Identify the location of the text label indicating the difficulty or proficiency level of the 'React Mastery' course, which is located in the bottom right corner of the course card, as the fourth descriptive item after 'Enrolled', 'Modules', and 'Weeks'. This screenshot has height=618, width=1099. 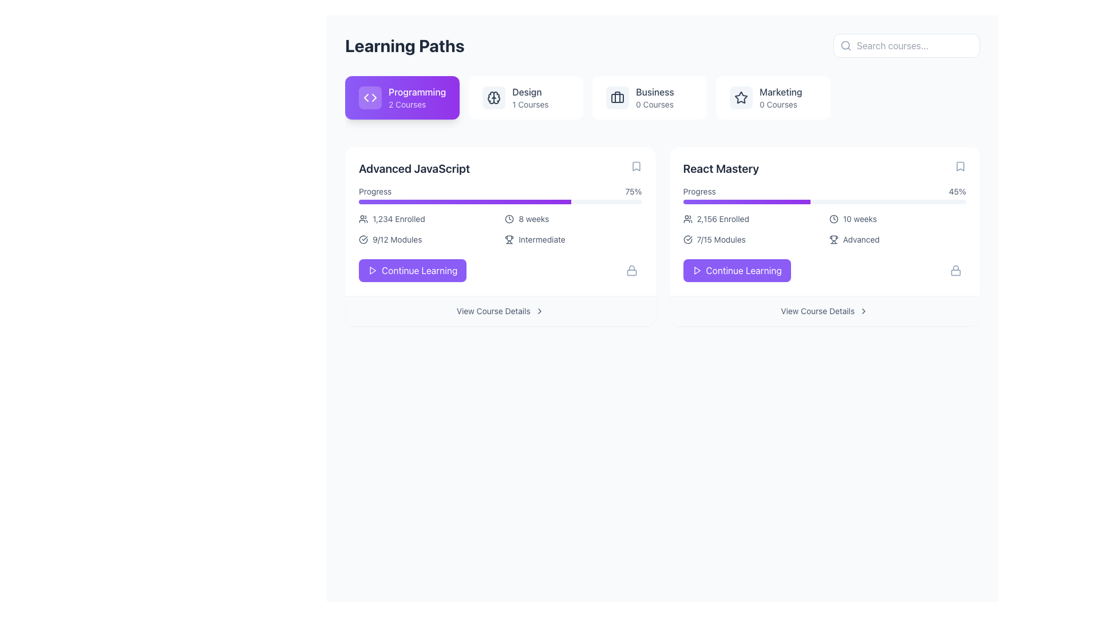
(897, 239).